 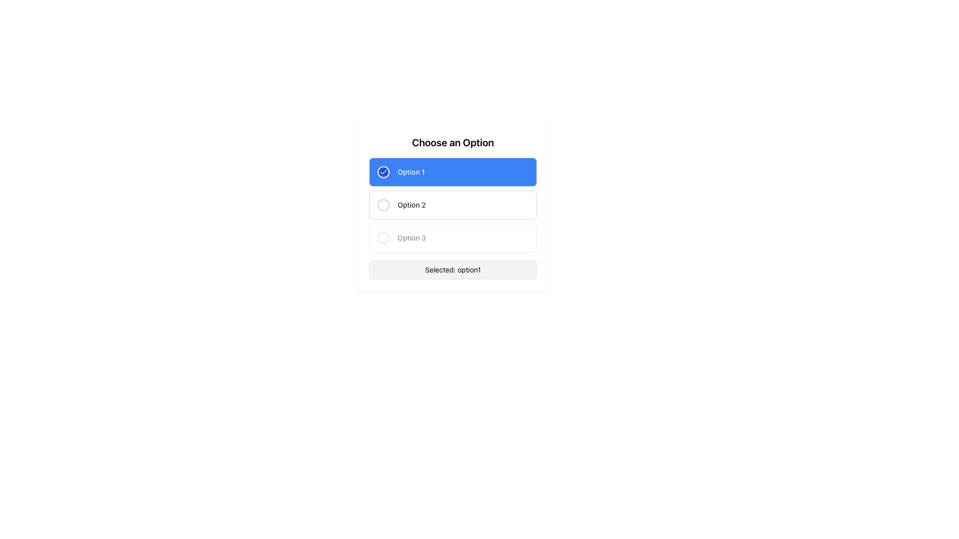 What do you see at coordinates (453, 205) in the screenshot?
I see `the 'Option 2' radio button` at bounding box center [453, 205].